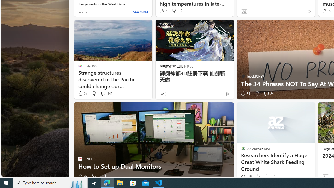 The image size is (334, 188). What do you see at coordinates (268, 176) in the screenshot?
I see `'View comments 14 Comment'` at bounding box center [268, 176].